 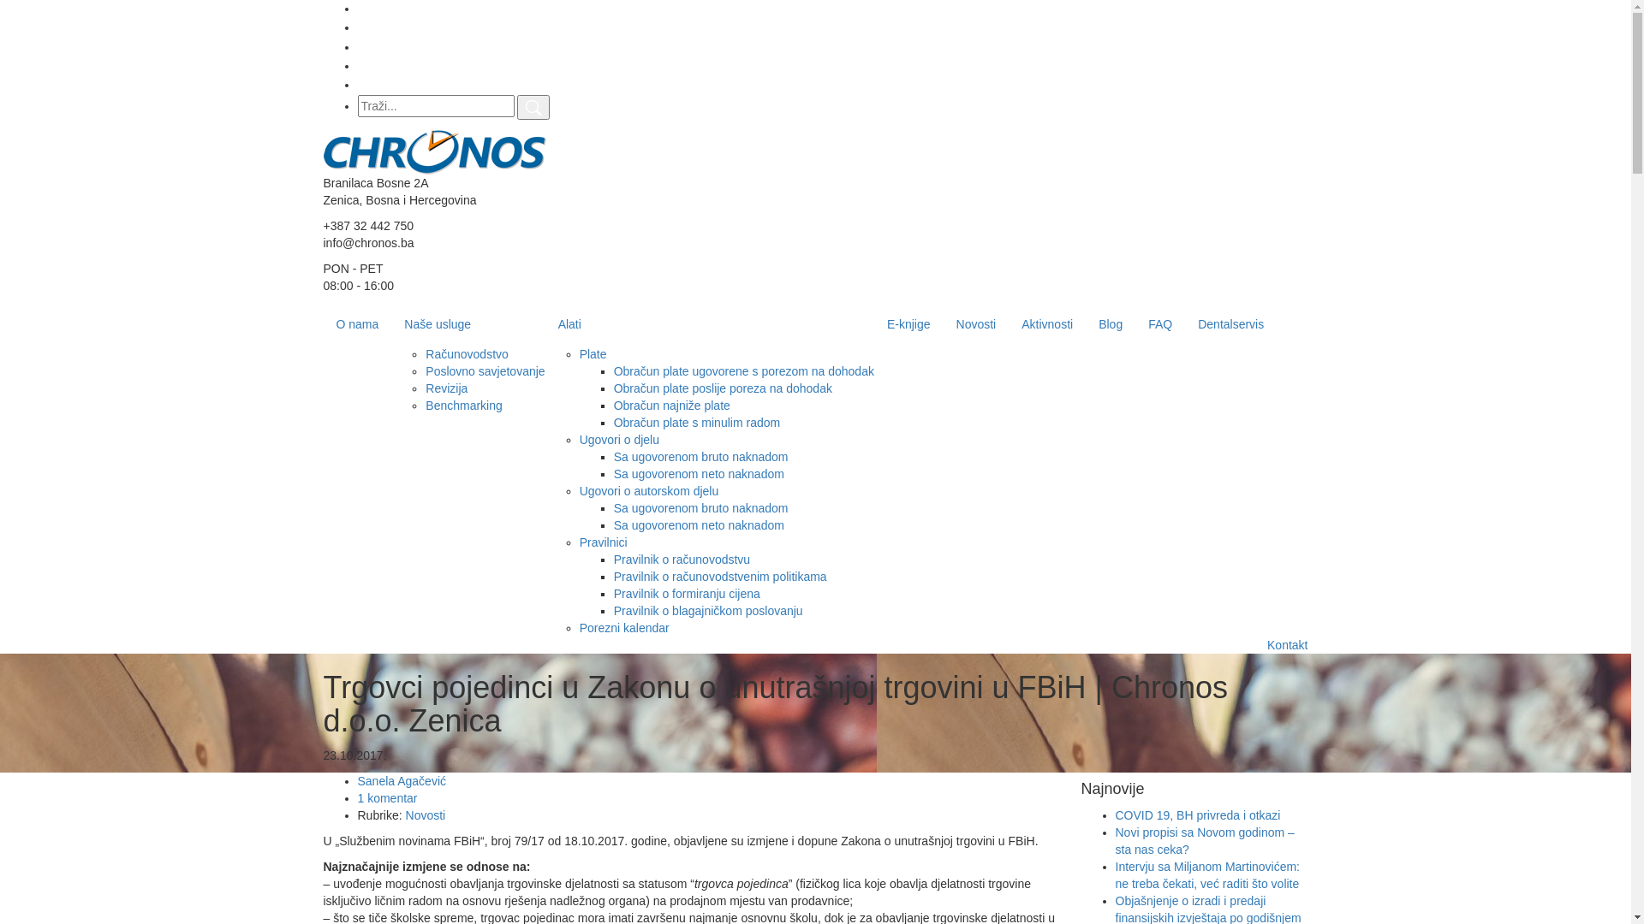 What do you see at coordinates (1046, 323) in the screenshot?
I see `'Aktivnosti'` at bounding box center [1046, 323].